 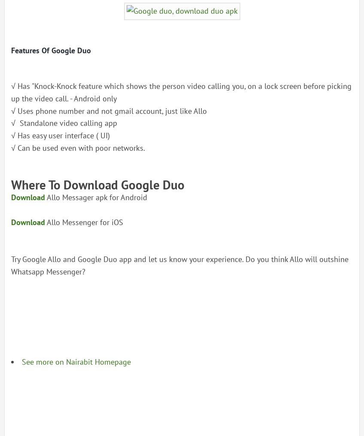 I want to click on '√ Has easy user interface ( UI)', so click(x=60, y=135).